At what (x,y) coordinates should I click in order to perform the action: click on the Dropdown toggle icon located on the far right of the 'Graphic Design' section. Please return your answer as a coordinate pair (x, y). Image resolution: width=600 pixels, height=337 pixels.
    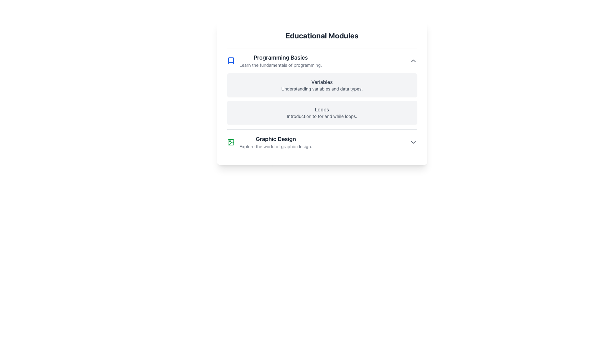
    Looking at the image, I should click on (413, 142).